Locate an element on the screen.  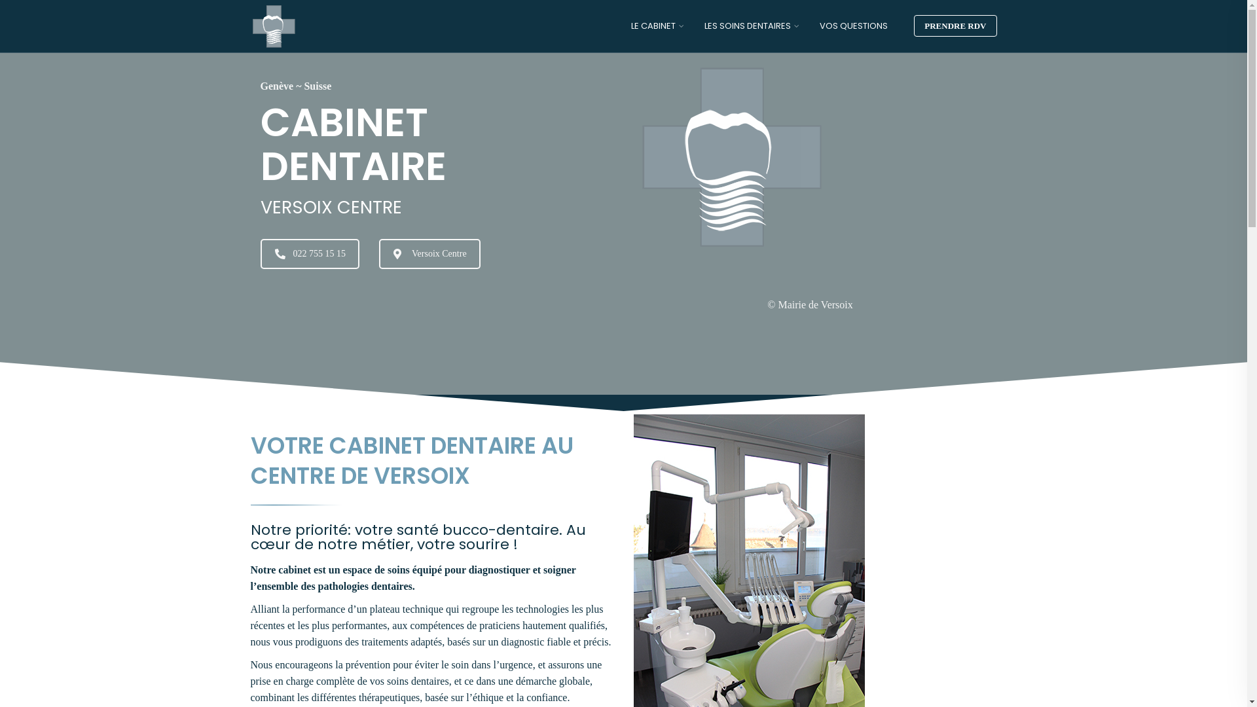
'022 755 15 15' is located at coordinates (310, 253).